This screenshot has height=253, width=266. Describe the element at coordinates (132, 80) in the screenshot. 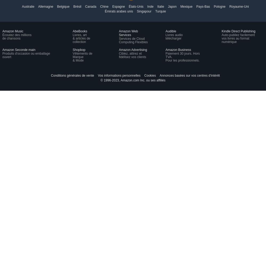

I see `'© 1996-2023, Amazon.com Inc. ou ses affiliés'` at that location.